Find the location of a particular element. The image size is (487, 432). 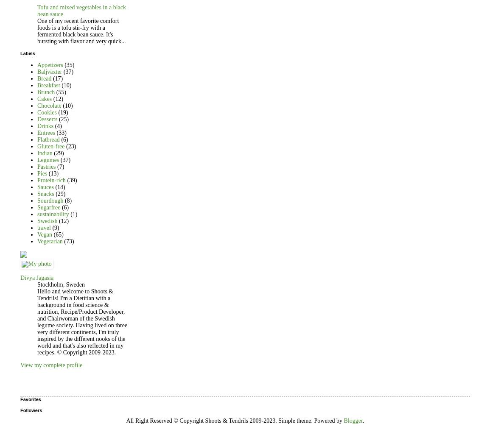

'(73)' is located at coordinates (69, 240).